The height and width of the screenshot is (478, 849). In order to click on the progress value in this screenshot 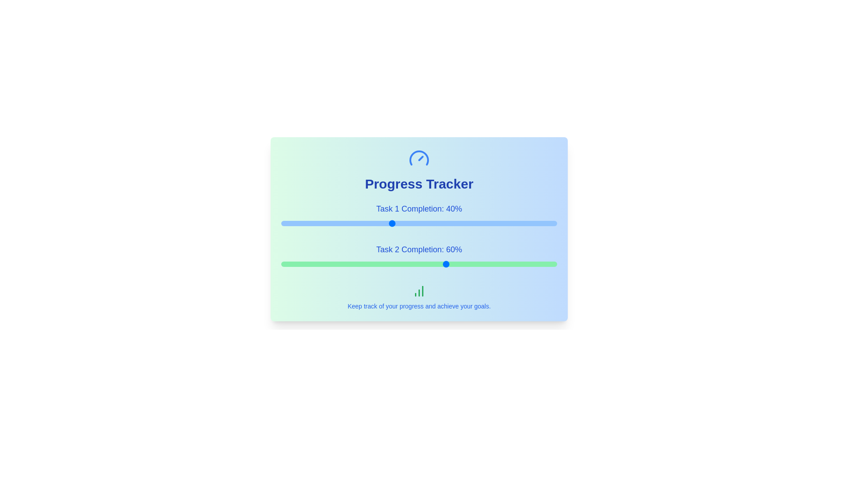, I will do `click(375, 223)`.